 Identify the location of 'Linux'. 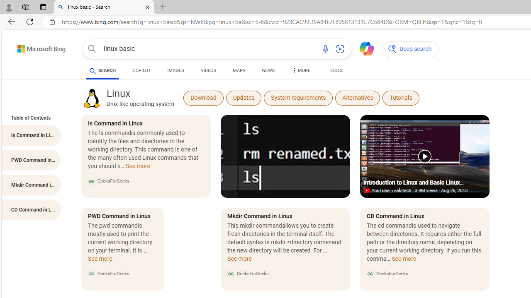
(92, 98).